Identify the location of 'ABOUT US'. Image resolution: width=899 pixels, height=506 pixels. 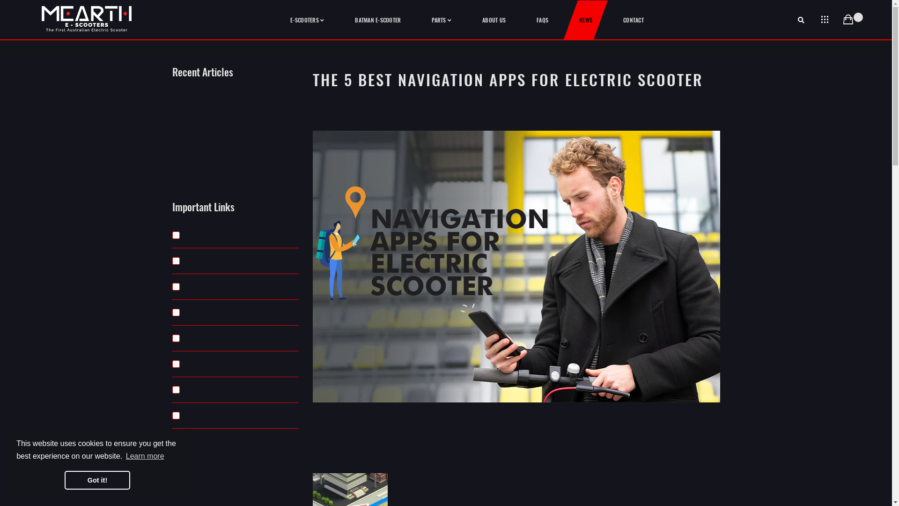
(494, 20).